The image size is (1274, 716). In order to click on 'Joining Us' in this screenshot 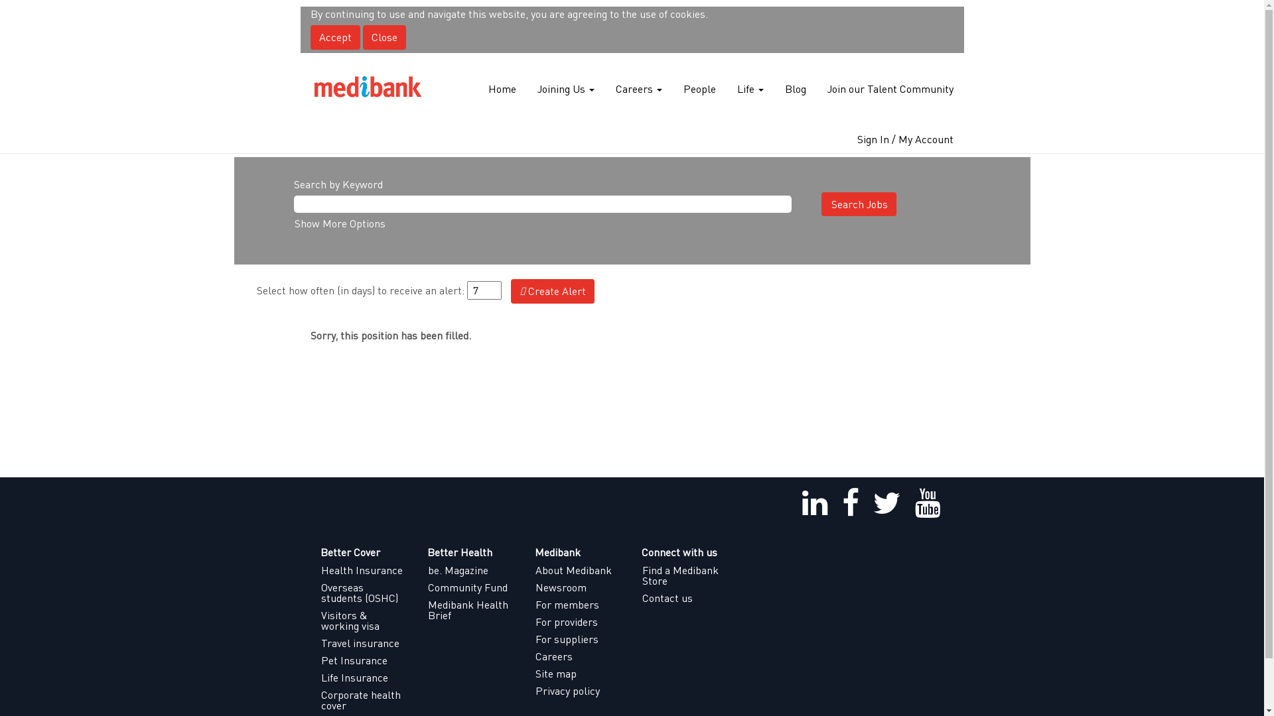, I will do `click(535, 89)`.